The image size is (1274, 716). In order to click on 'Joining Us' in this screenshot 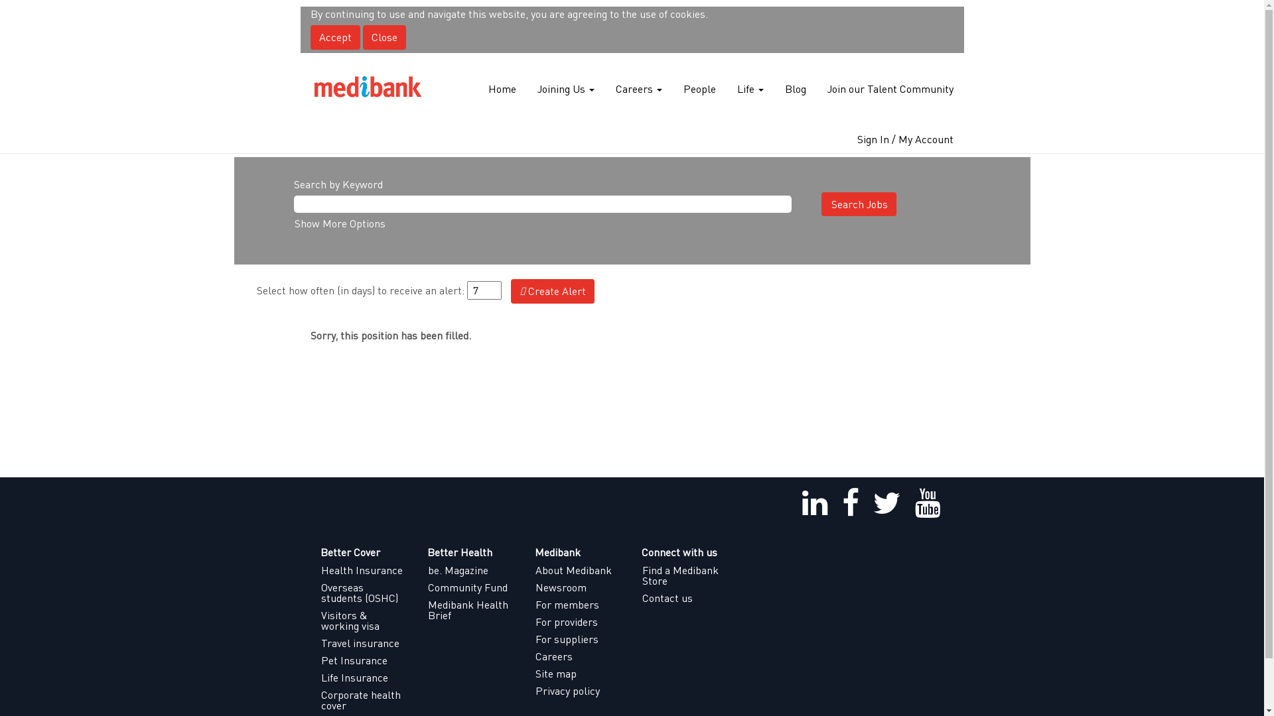, I will do `click(535, 89)`.